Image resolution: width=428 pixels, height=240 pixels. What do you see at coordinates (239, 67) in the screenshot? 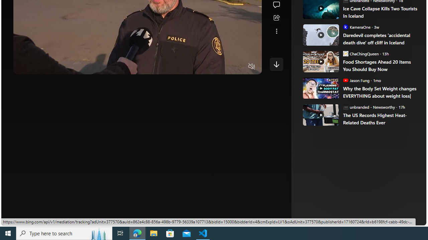
I see `'Fullscreen'` at bounding box center [239, 67].